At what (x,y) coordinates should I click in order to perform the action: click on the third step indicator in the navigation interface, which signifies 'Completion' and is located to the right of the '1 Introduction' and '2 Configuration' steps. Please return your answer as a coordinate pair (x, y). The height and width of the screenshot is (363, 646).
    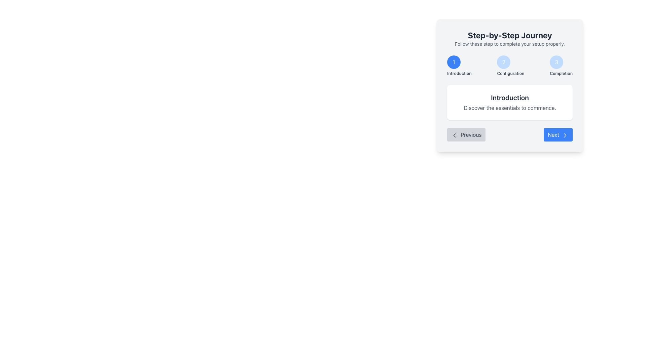
    Looking at the image, I should click on (561, 66).